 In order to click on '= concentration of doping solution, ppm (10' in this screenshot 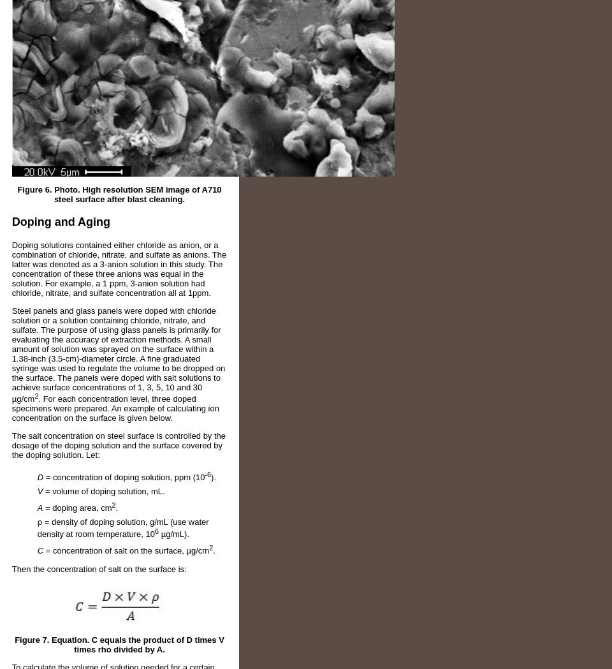, I will do `click(124, 476)`.